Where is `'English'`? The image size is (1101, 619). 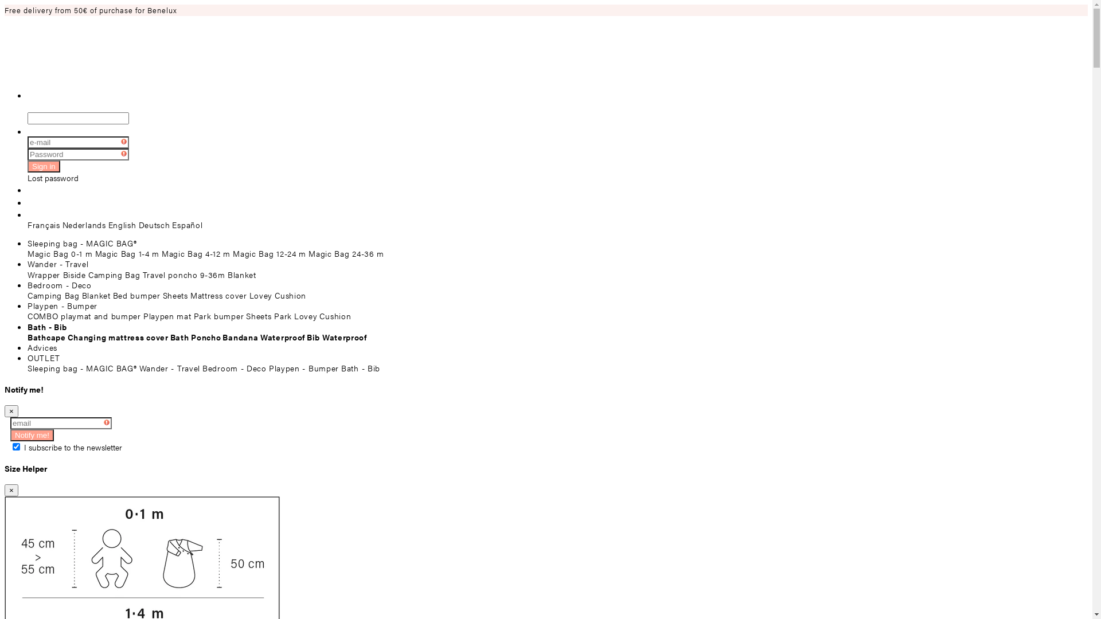
'English' is located at coordinates (108, 225).